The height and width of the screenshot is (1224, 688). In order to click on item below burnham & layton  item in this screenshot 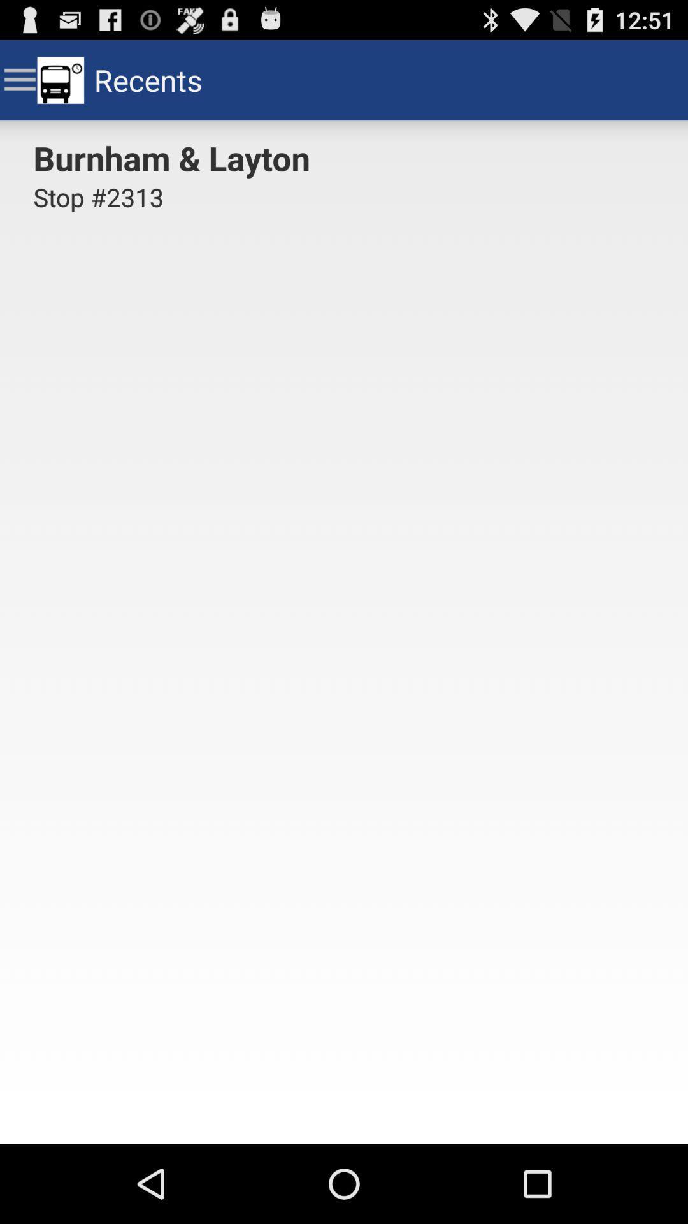, I will do `click(97, 205)`.